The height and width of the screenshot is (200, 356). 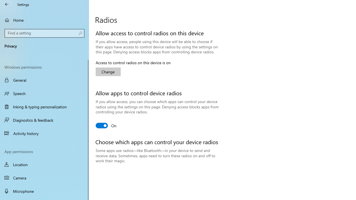 What do you see at coordinates (44, 191) in the screenshot?
I see `'Microphone'` at bounding box center [44, 191].